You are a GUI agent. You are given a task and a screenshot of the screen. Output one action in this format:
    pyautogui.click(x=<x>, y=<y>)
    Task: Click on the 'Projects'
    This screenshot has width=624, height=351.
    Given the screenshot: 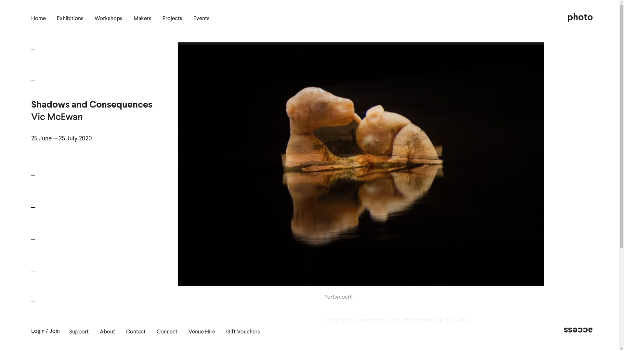 What is the action you would take?
    pyautogui.click(x=162, y=18)
    